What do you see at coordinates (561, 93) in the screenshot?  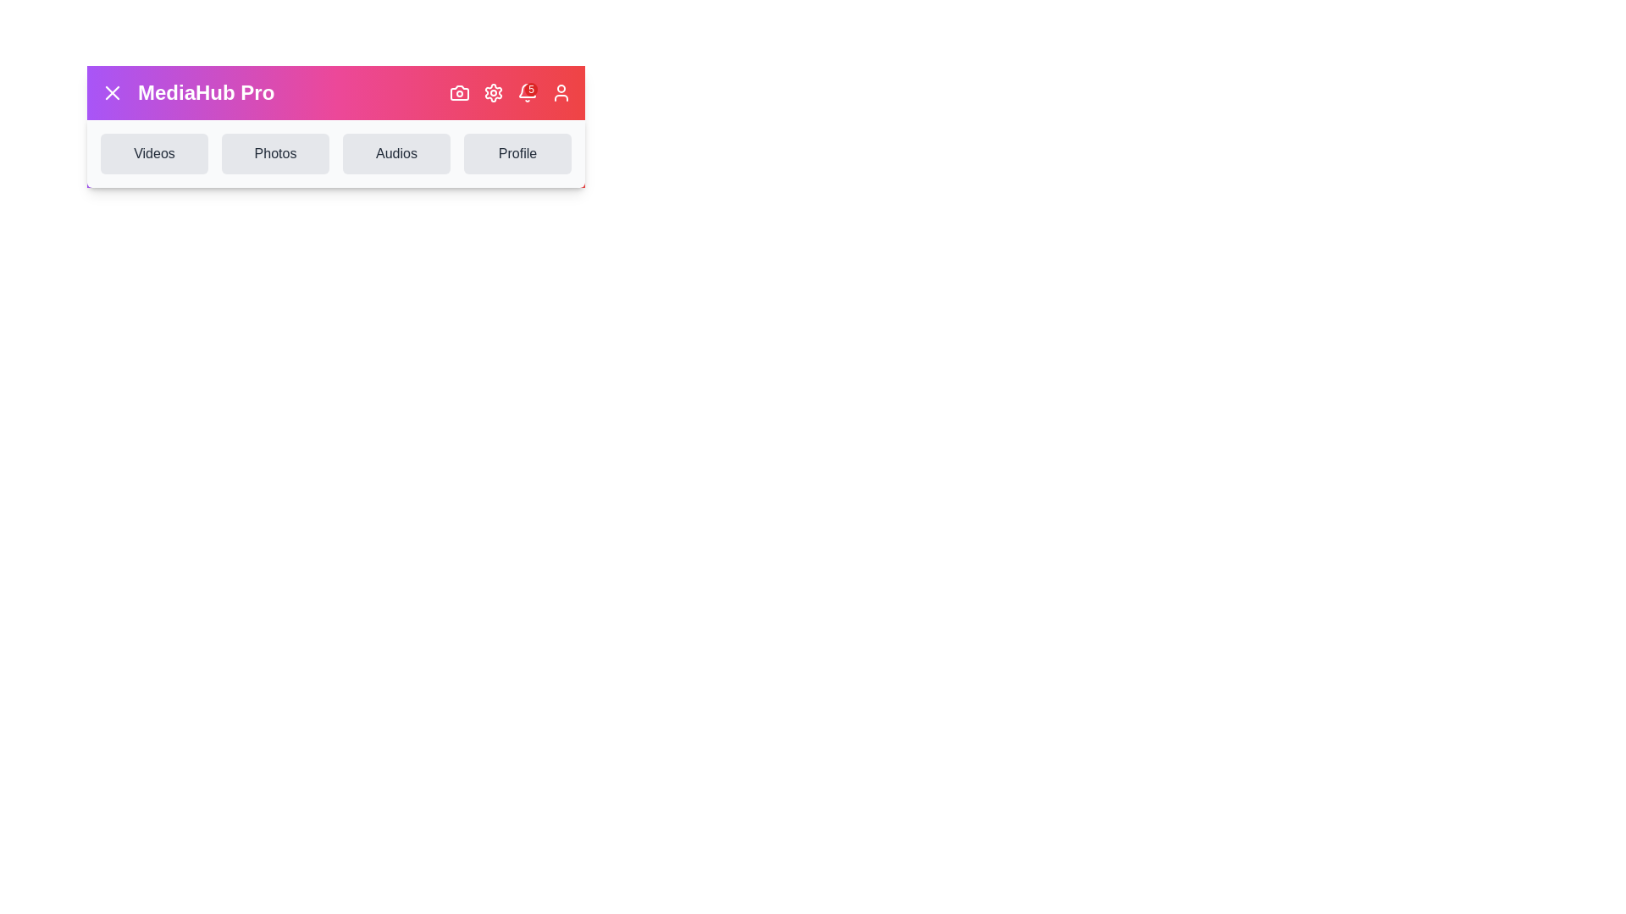 I see `the user icon to access profile-related features` at bounding box center [561, 93].